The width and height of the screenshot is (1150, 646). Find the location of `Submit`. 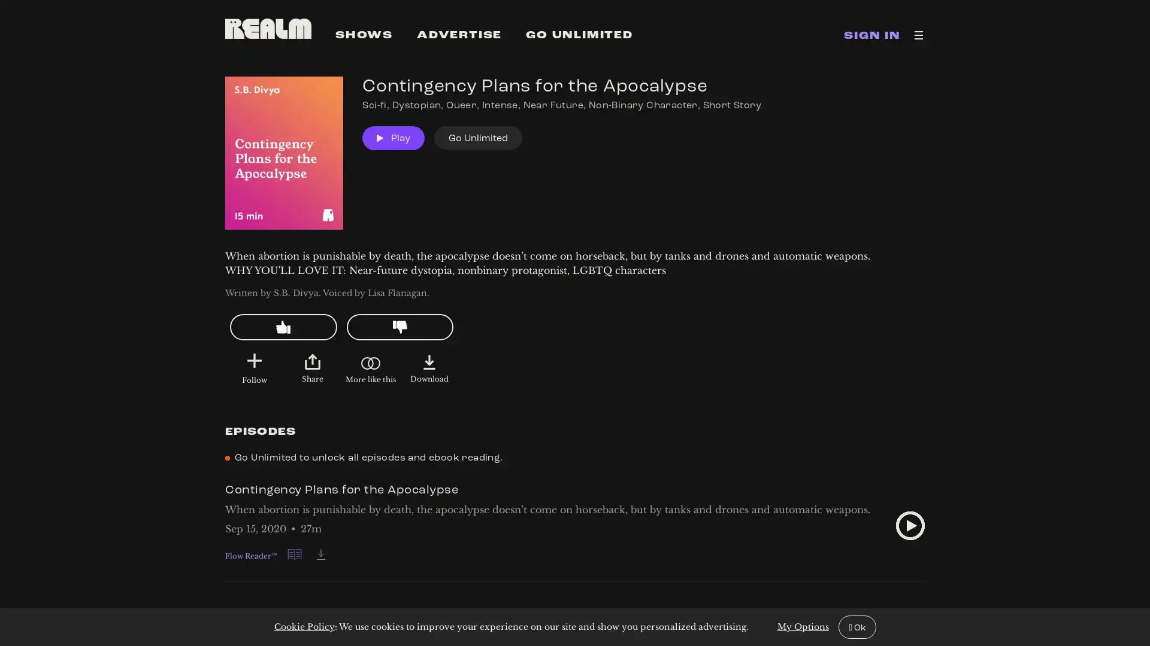

Submit is located at coordinates (253, 361).